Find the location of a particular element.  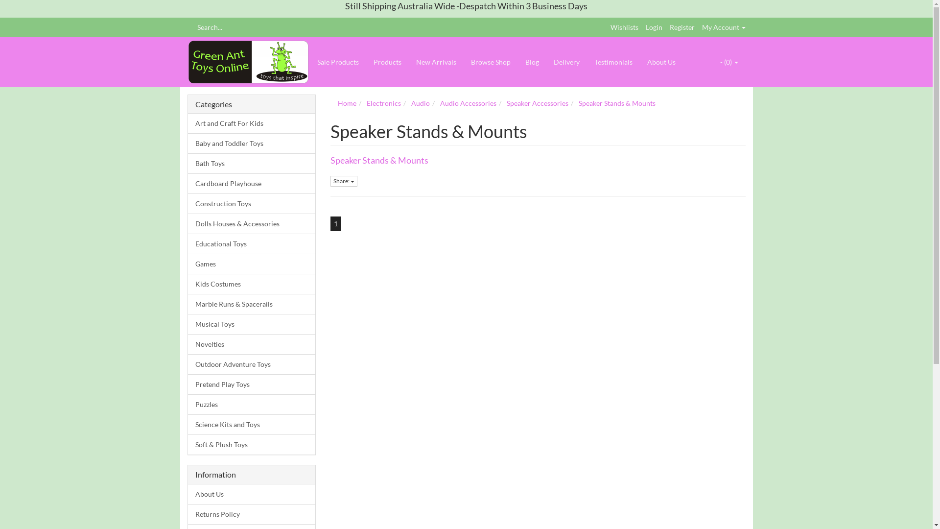

'About Us' is located at coordinates (252, 494).